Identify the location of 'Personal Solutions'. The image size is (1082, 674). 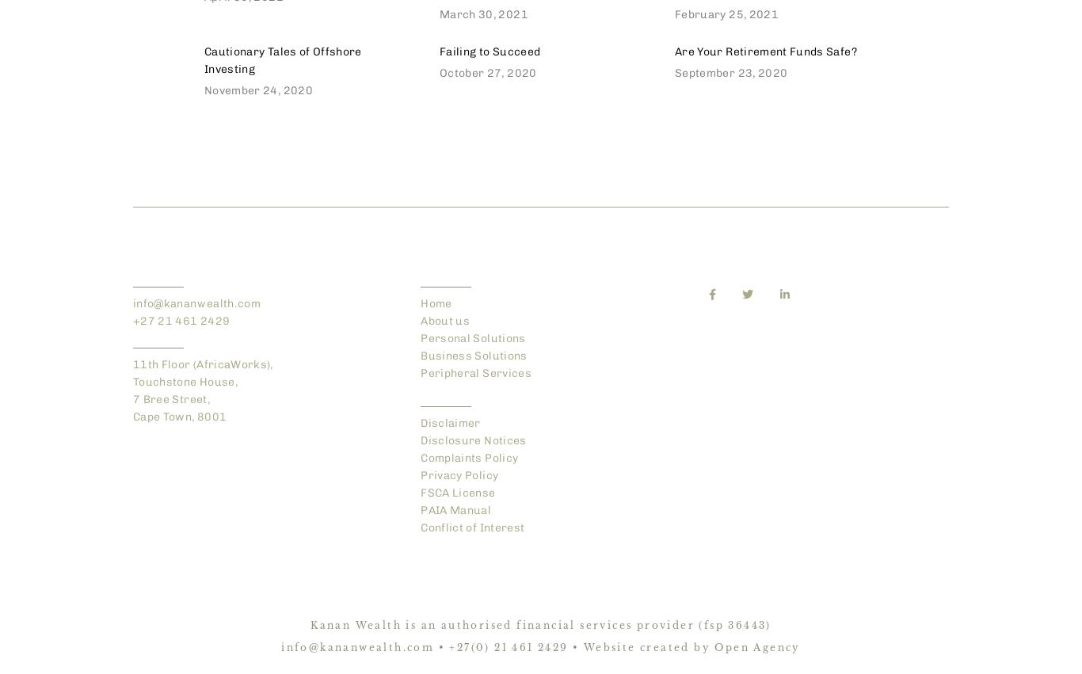
(471, 338).